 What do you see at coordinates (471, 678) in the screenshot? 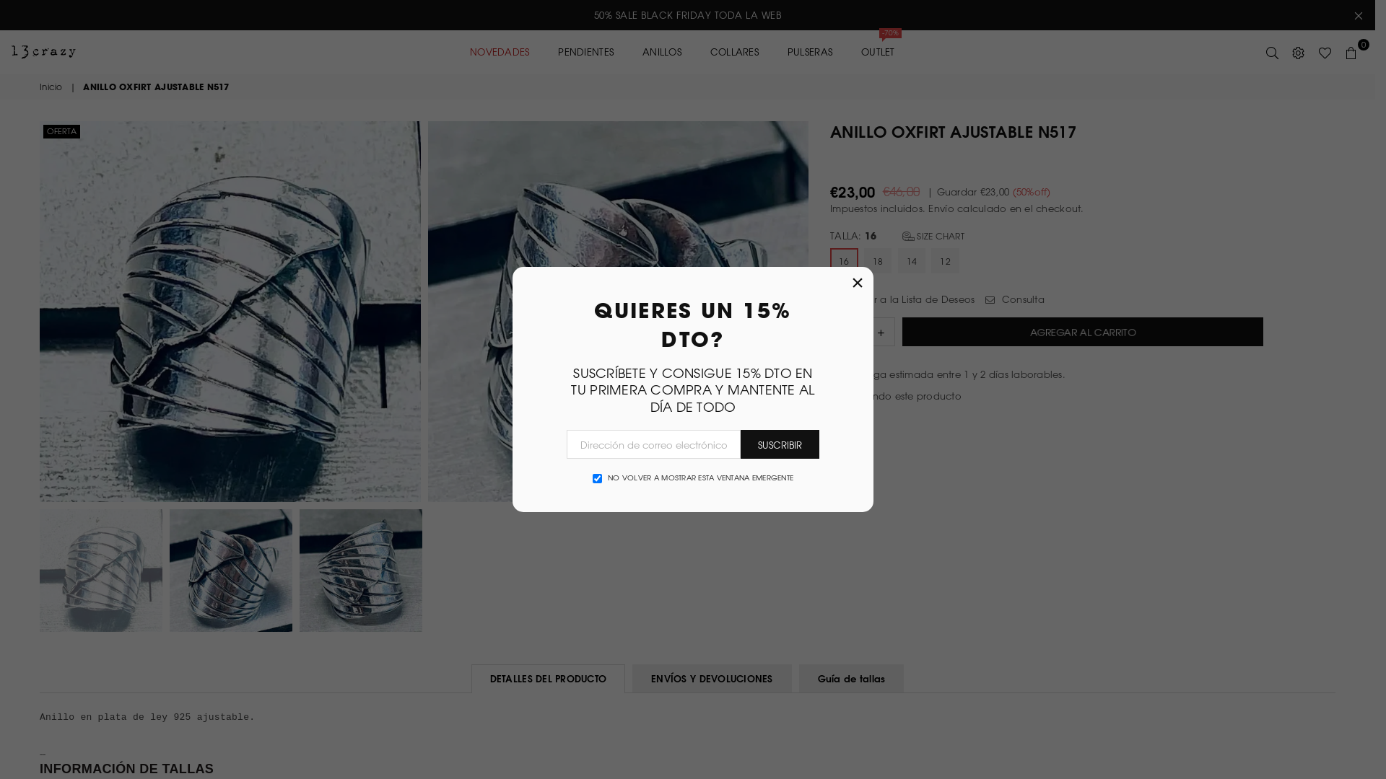
I see `'DETALLES DEL PRODUCTO'` at bounding box center [471, 678].